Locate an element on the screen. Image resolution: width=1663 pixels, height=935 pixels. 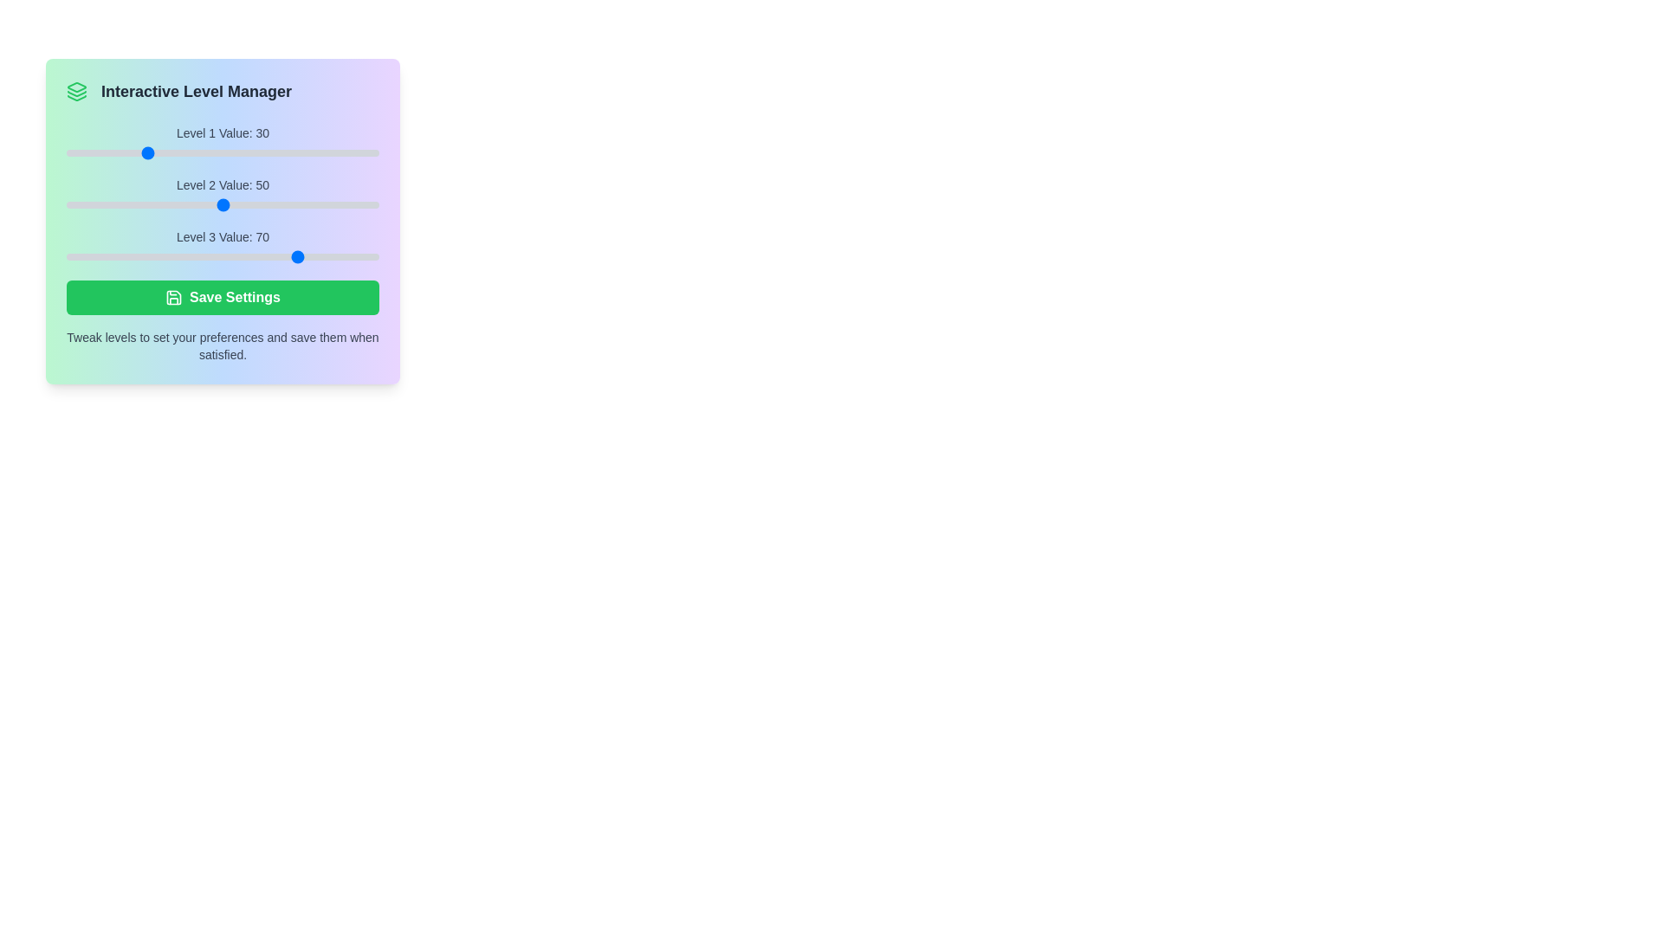
the Level 3 Value slider is located at coordinates (145, 257).